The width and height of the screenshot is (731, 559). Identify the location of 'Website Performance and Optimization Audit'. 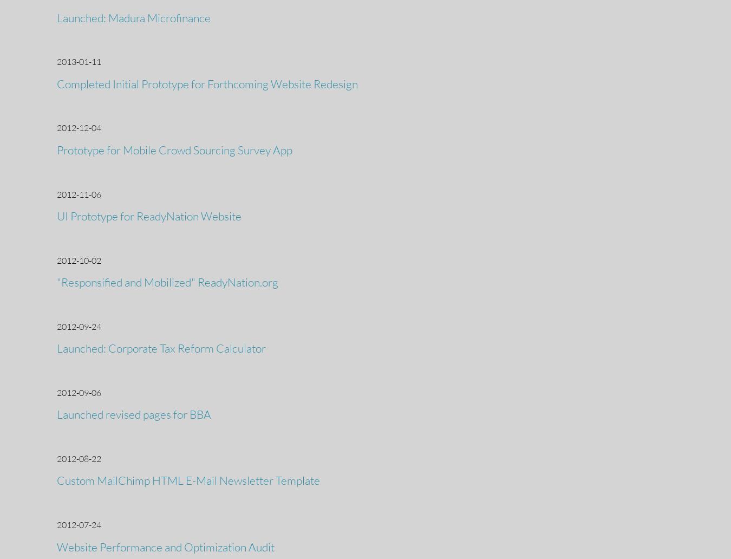
(56, 545).